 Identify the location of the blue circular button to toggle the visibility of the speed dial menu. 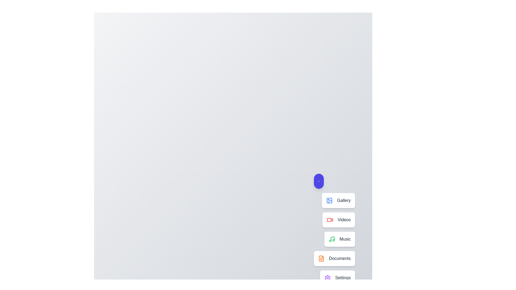
(319, 181).